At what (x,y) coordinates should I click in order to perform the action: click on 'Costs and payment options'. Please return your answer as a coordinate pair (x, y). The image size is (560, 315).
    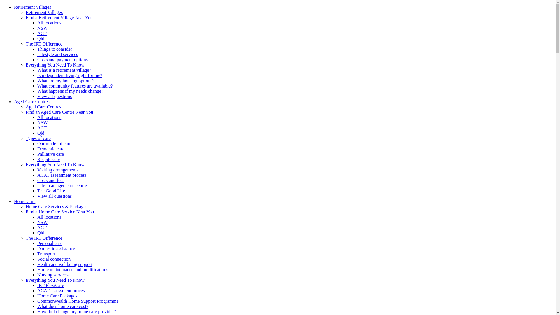
    Looking at the image, I should click on (62, 60).